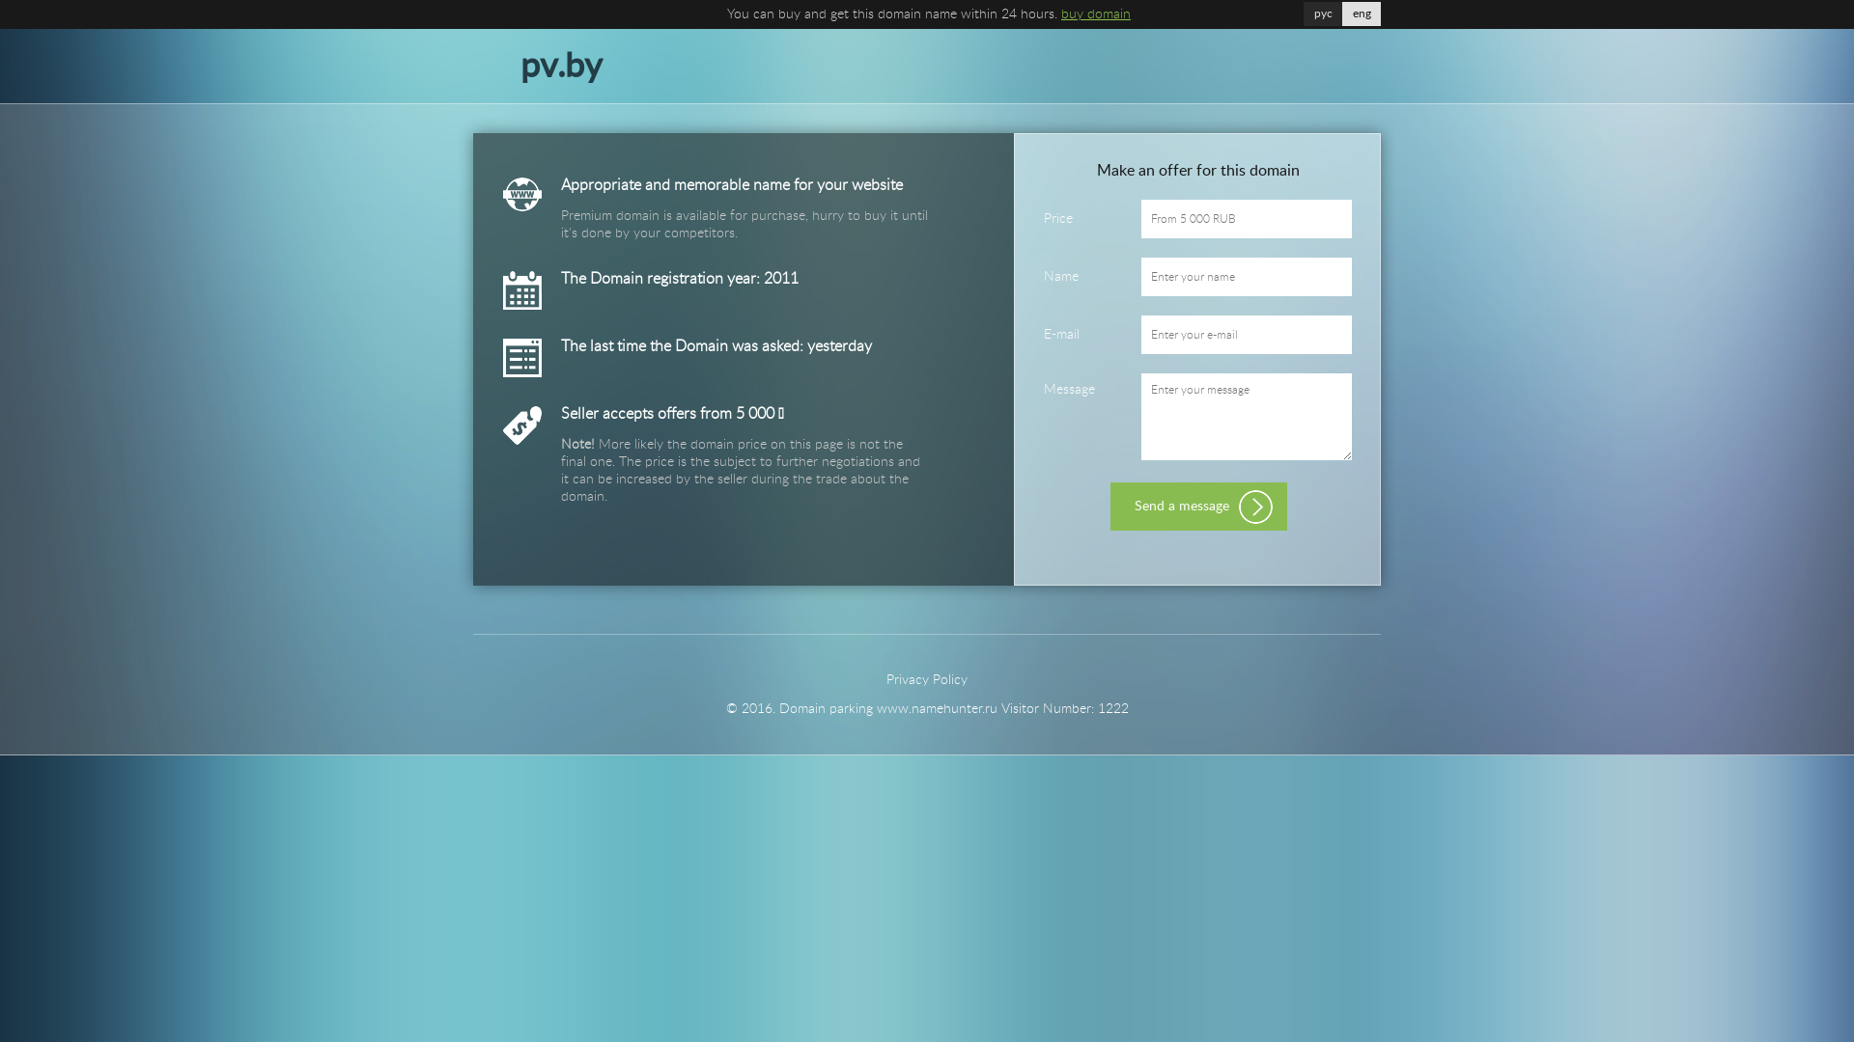  Describe the element at coordinates (1197, 505) in the screenshot. I see `'Send a message'` at that location.